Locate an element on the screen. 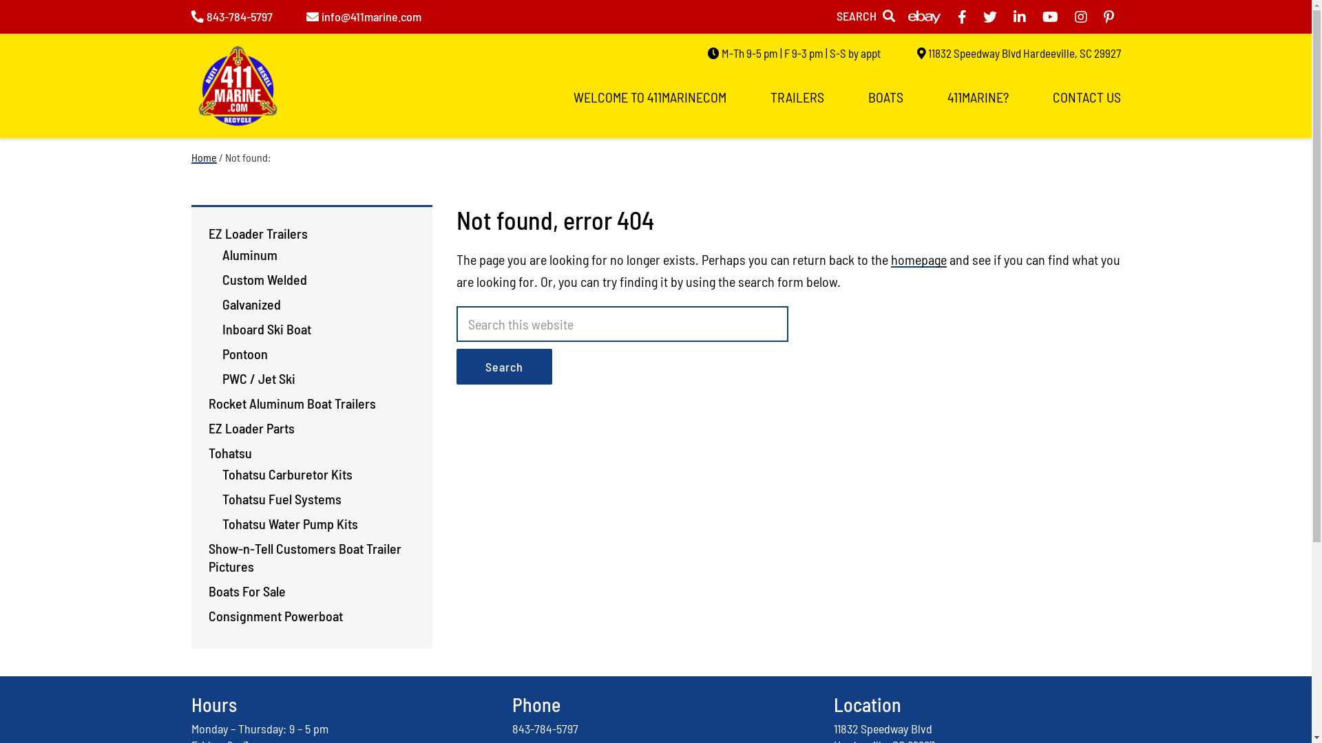 The height and width of the screenshot is (743, 1322). 'SEARCH' is located at coordinates (864, 16).